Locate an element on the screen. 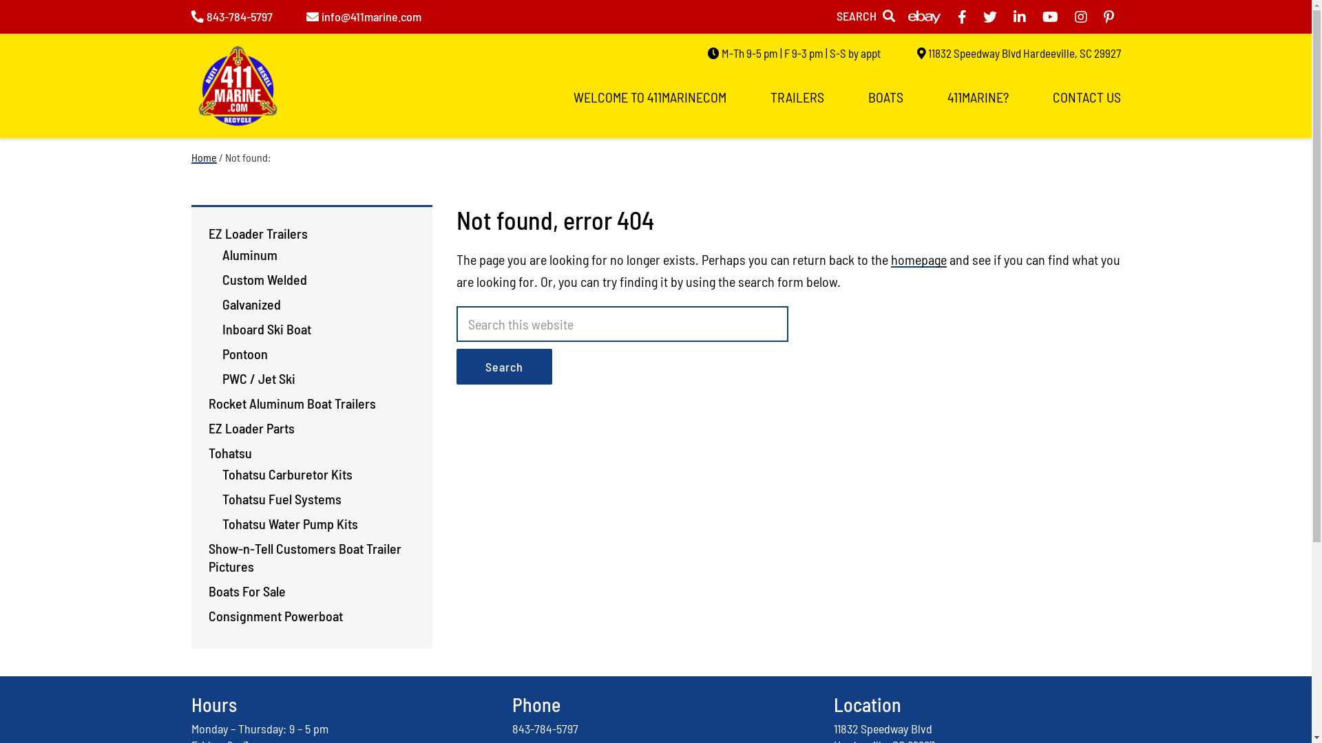 The height and width of the screenshot is (743, 1322). 'SEARCH' is located at coordinates (864, 16).